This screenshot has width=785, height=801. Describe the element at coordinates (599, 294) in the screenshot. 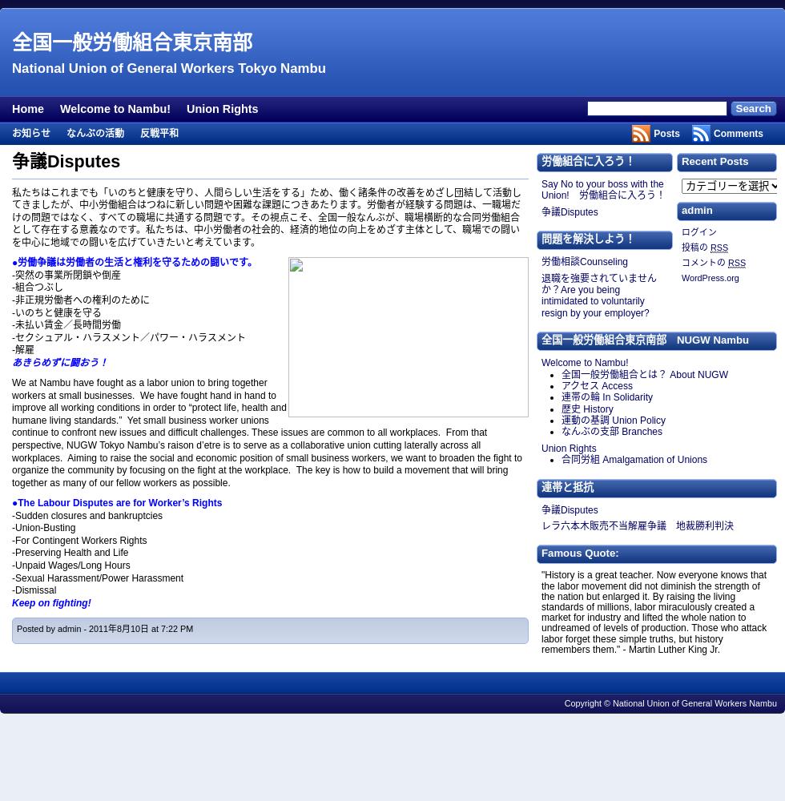

I see `'退職を強要されていませんか？Are you being intimidated to voluntarily resign by your employer?'` at that location.